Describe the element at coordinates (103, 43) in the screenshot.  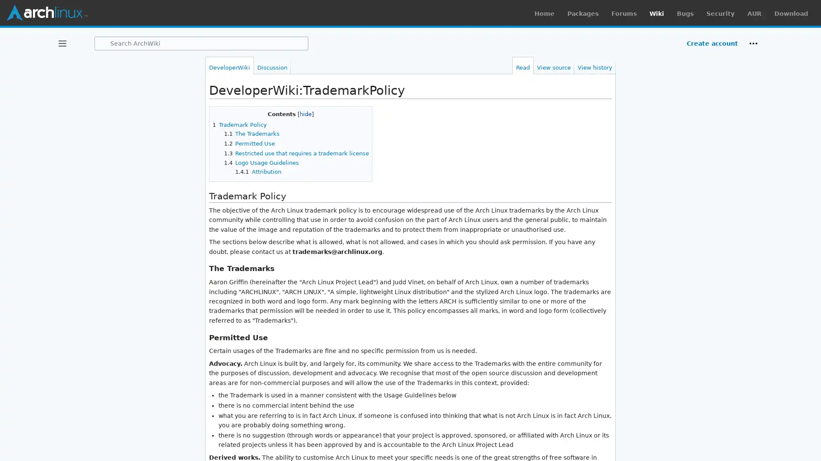
I see `Go` at that location.